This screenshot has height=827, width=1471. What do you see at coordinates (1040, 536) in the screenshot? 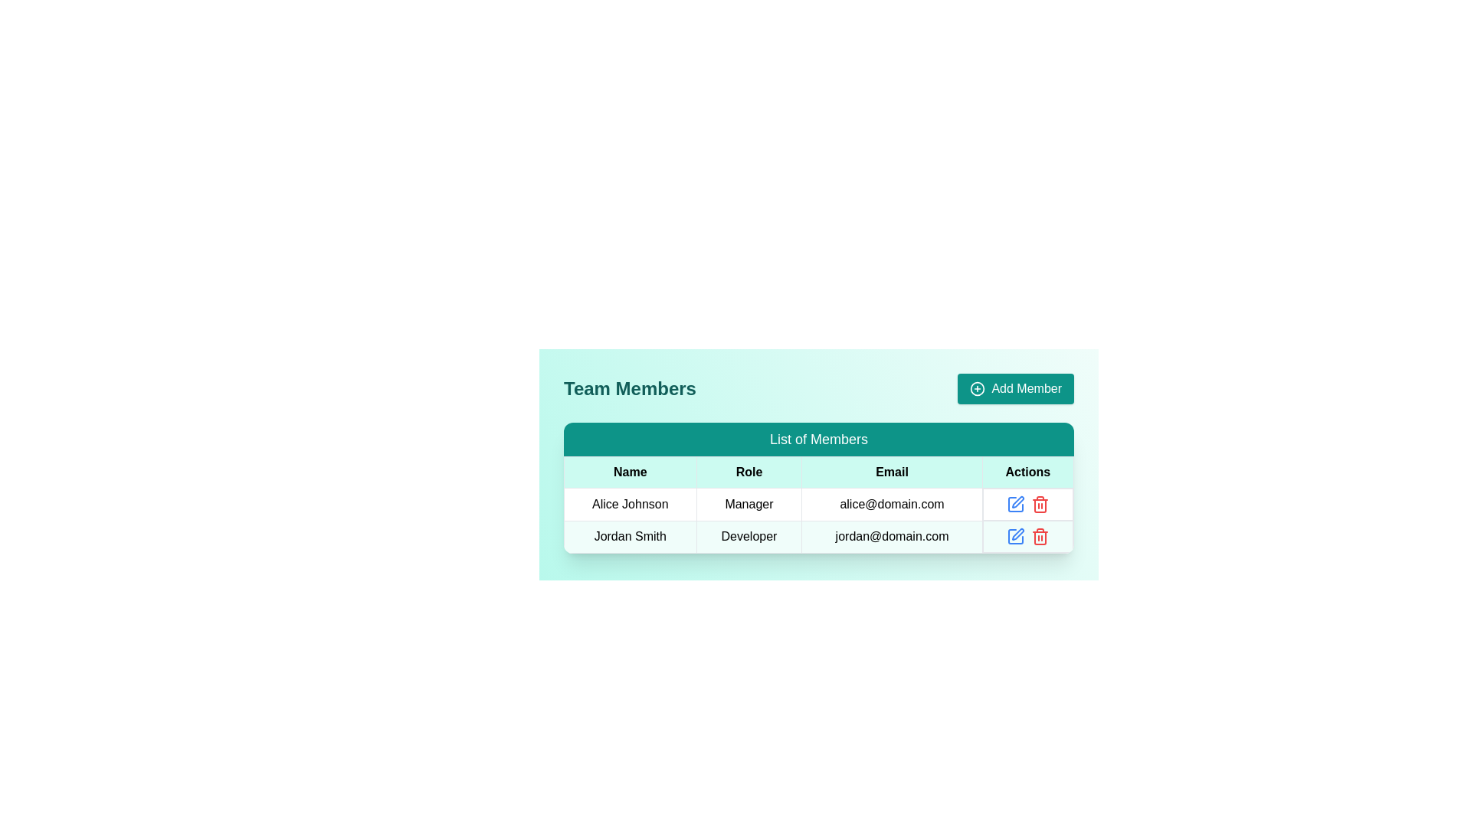
I see `the delete button located in the last column of the second row under the 'Actions' header` at bounding box center [1040, 536].